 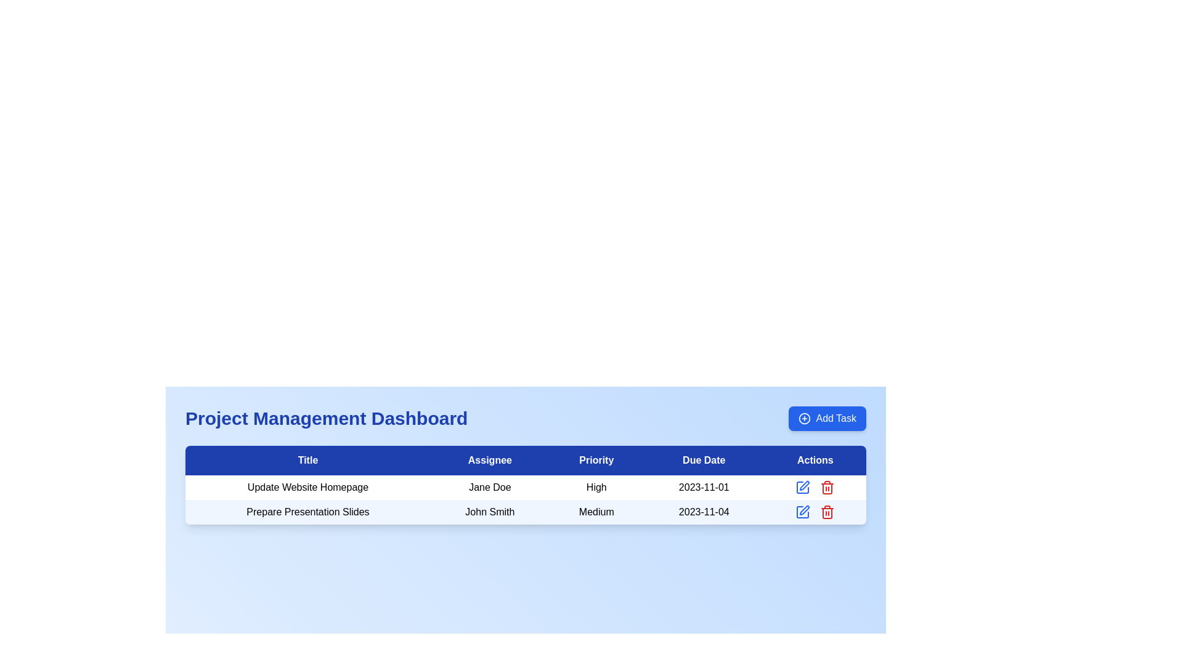 What do you see at coordinates (596, 486) in the screenshot?
I see `the text label displaying 'High' located under the 'Priority' column in the first row of the table, positioned between 'Jane Doe' and '2023-11-01'` at bounding box center [596, 486].